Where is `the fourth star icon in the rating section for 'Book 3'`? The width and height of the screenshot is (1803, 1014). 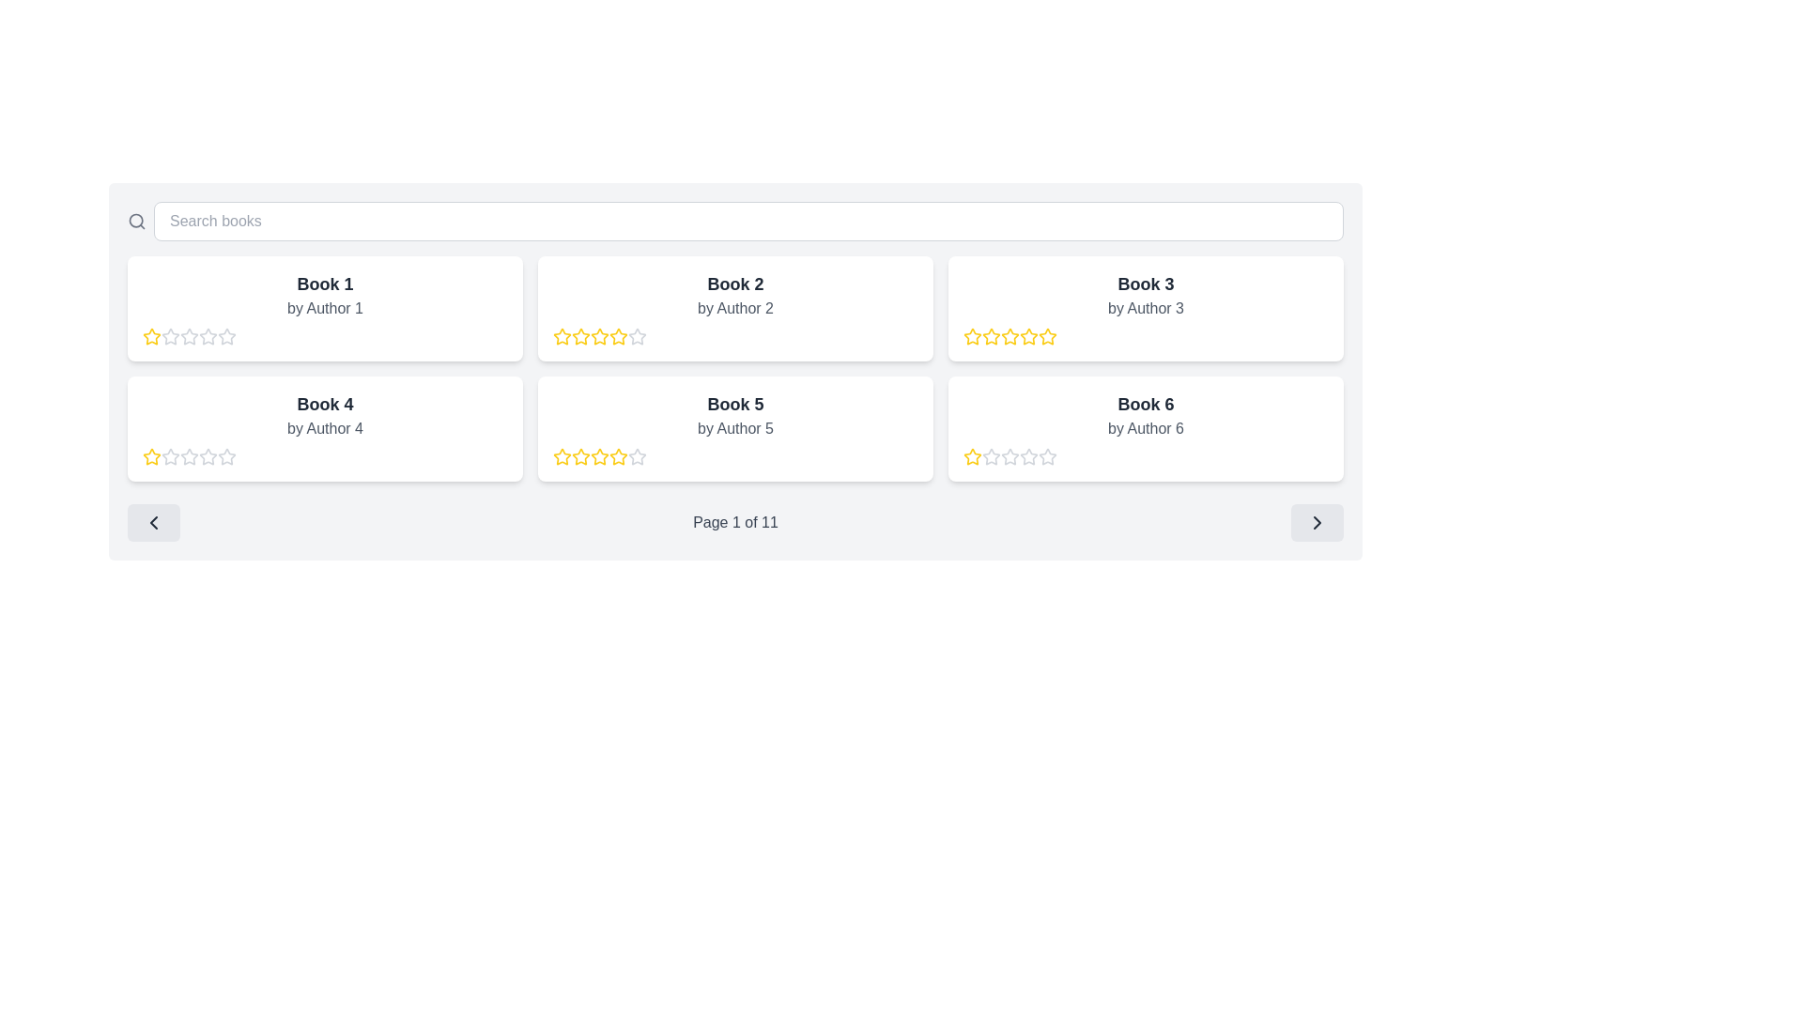
the fourth star icon in the rating section for 'Book 3' is located at coordinates (1009, 335).